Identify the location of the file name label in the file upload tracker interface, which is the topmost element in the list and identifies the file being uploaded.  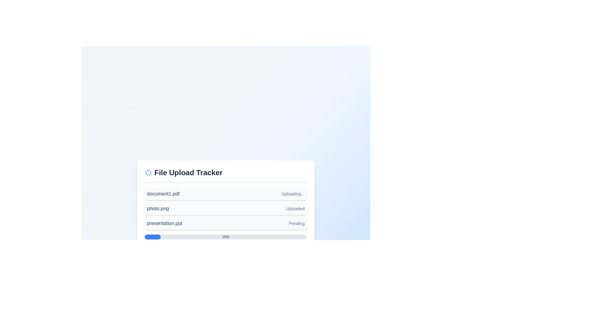
(163, 194).